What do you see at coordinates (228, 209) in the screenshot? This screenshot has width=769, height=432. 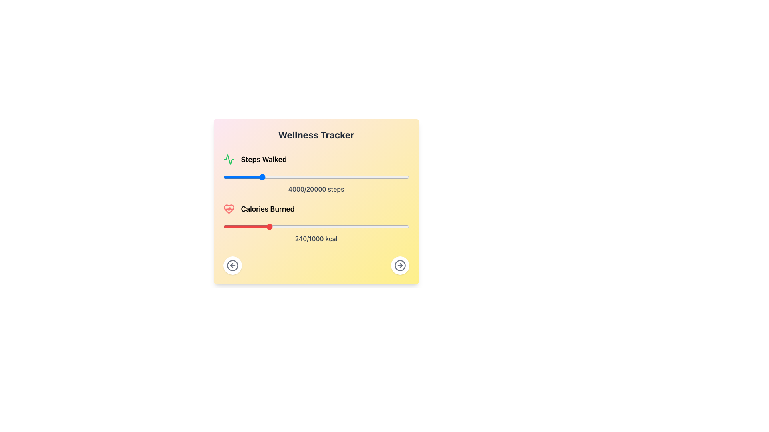 I see `the small red heart icon with a pulse line, located to the left of the text 'Calories Burned' in the 'Wellness Tracker' interface` at bounding box center [228, 209].